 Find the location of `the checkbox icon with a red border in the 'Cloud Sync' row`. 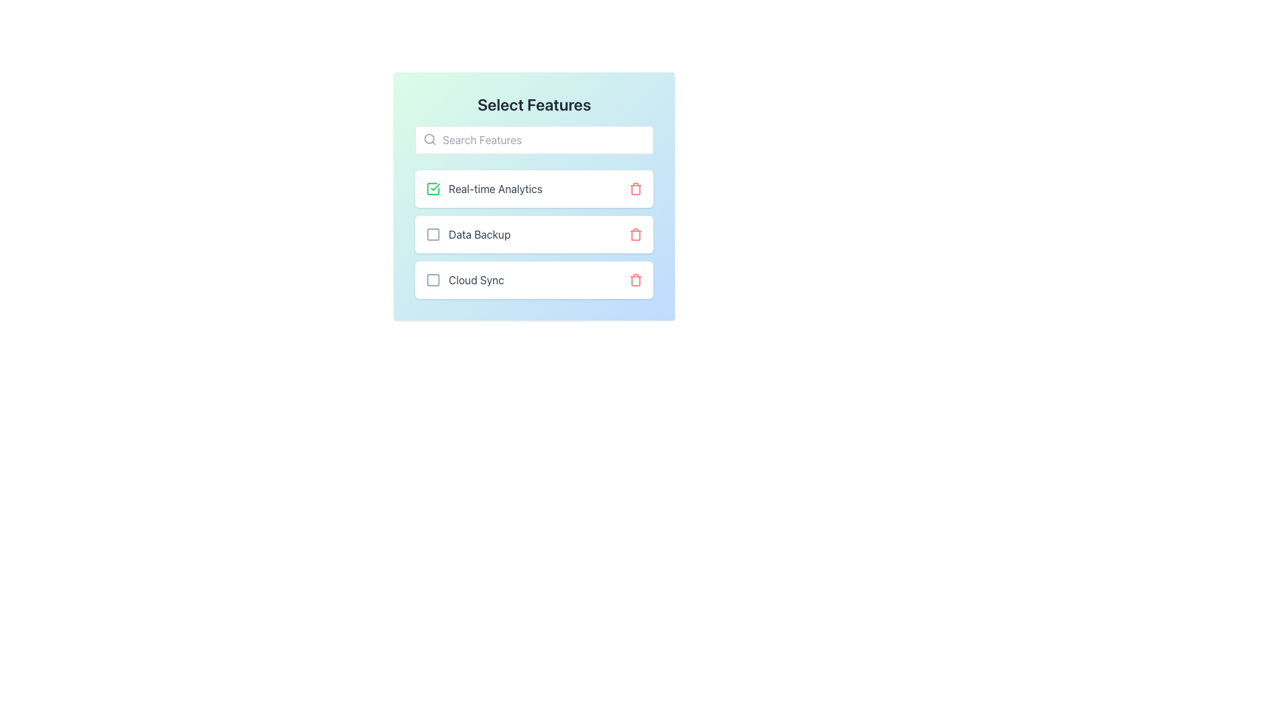

the checkbox icon with a red border in the 'Cloud Sync' row is located at coordinates (433, 279).